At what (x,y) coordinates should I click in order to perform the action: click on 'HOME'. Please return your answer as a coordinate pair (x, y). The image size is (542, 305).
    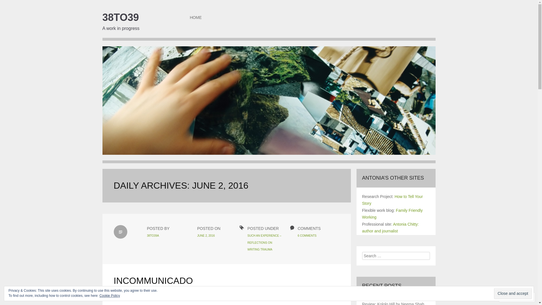
    Looking at the image, I should click on (187, 17).